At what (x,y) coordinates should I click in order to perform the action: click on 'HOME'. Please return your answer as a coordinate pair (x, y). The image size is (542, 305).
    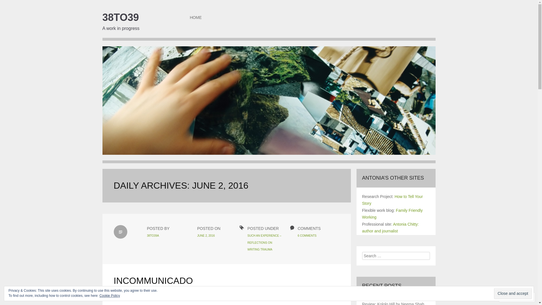
    Looking at the image, I should click on (187, 17).